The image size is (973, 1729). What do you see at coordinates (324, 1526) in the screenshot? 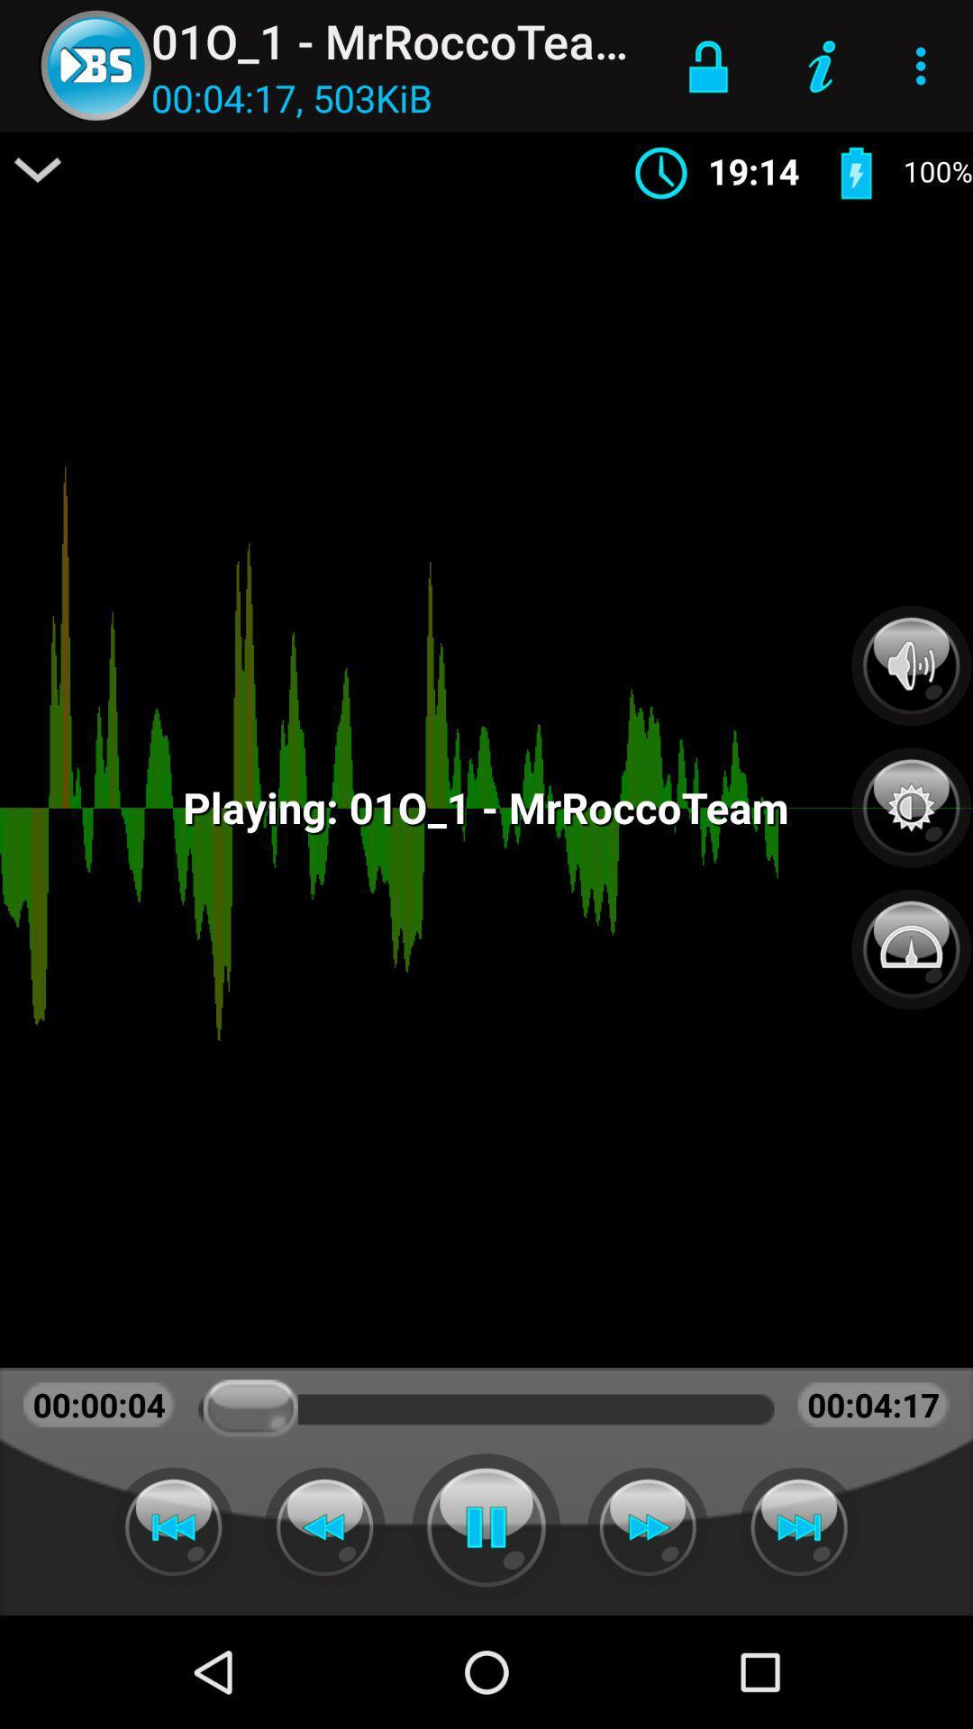
I see `previous` at bounding box center [324, 1526].